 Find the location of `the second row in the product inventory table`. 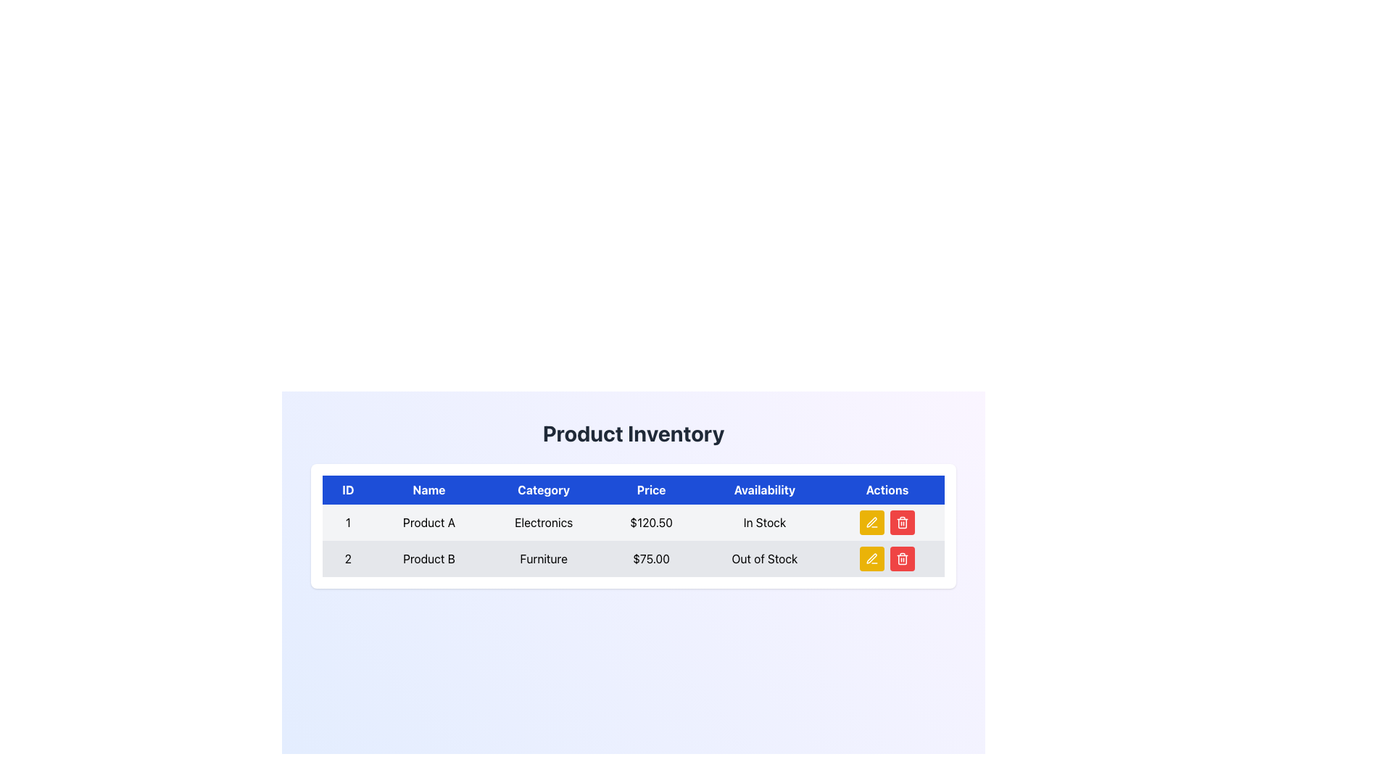

the second row in the product inventory table is located at coordinates (633, 558).